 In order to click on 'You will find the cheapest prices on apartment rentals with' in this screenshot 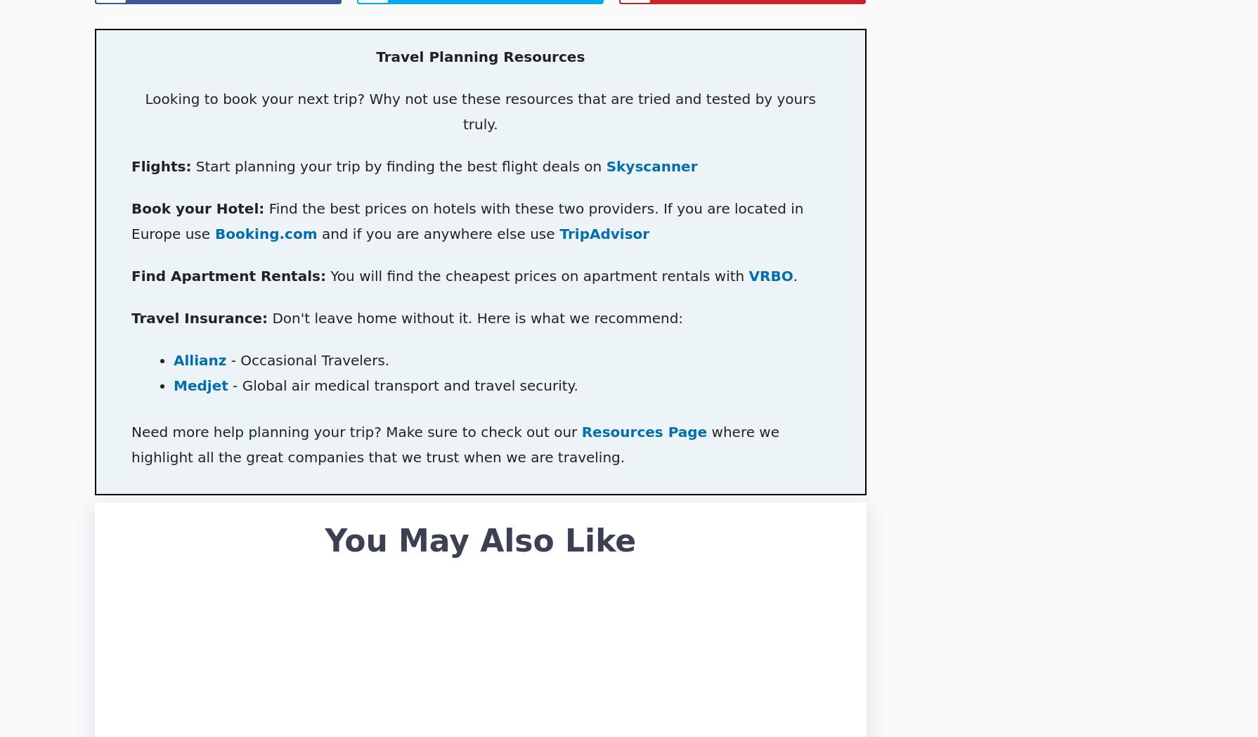, I will do `click(536, 275)`.